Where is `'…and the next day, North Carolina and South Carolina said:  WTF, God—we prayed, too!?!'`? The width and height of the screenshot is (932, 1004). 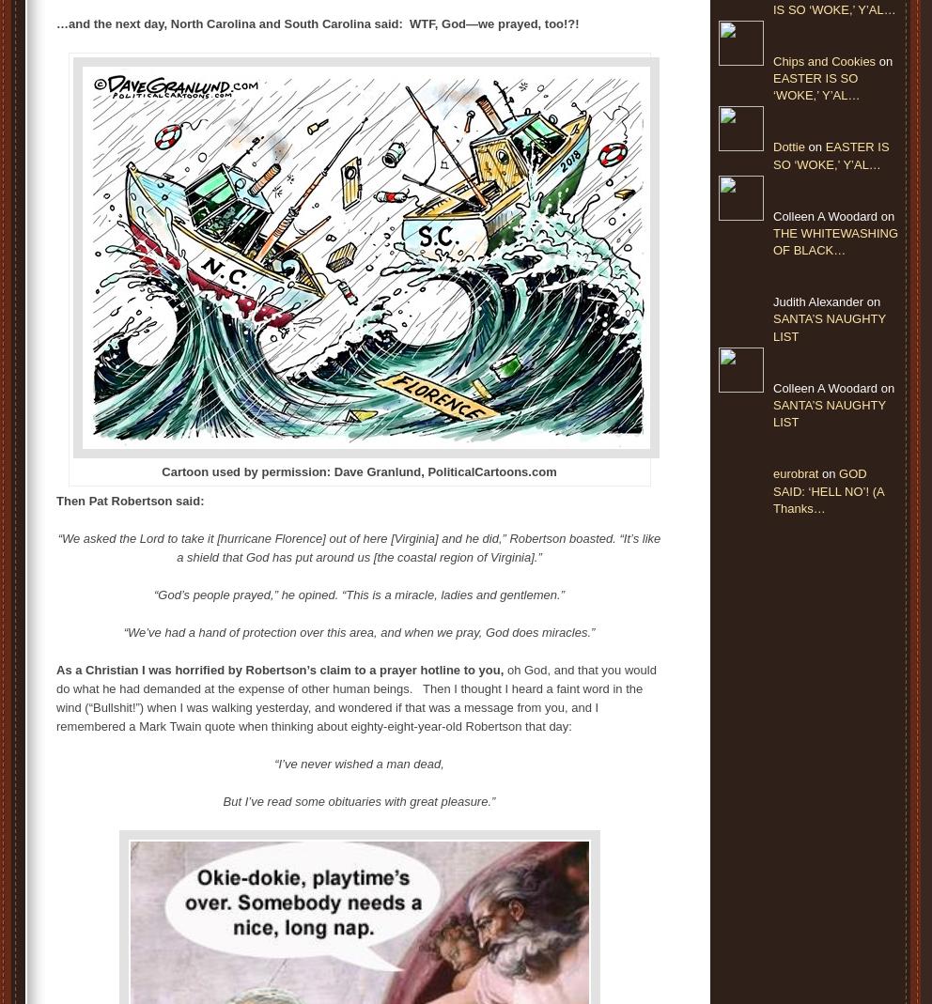 '…and the next day, North Carolina and South Carolina said:  WTF, God—we prayed, too!?!' is located at coordinates (56, 23).